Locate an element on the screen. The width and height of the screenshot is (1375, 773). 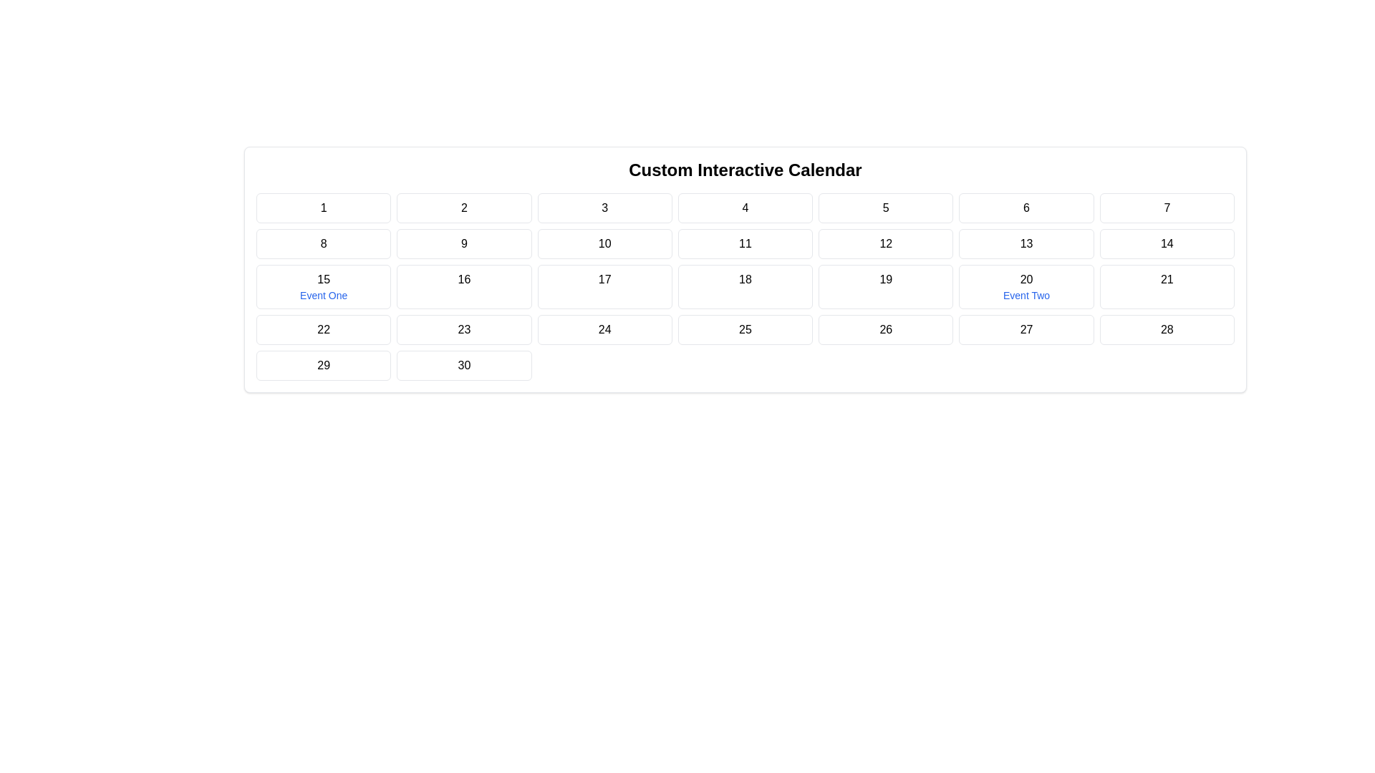
the 7th Calendar Day Cell in the top row of the calendar interface, which is located at the far right is located at coordinates (1167, 208).